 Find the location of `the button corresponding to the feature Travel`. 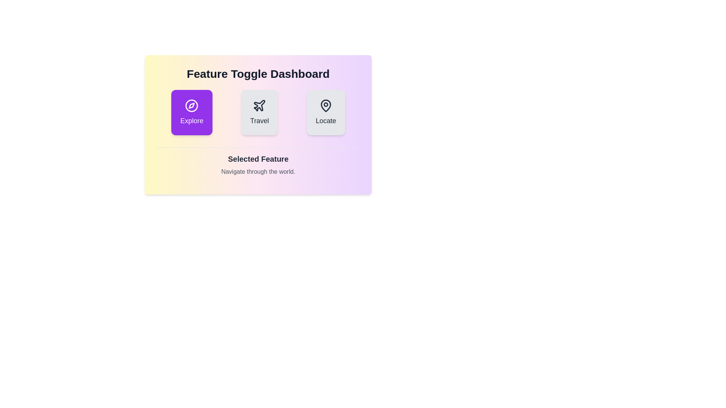

the button corresponding to the feature Travel is located at coordinates (259, 112).